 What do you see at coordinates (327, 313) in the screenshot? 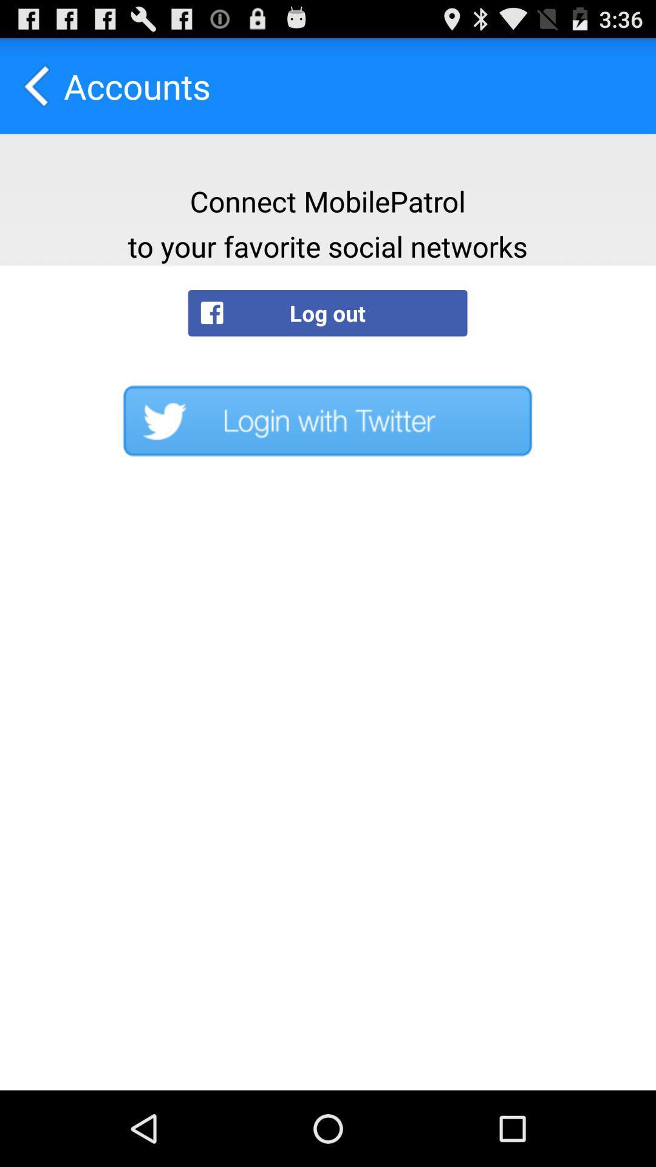
I see `item below to your favorite icon` at bounding box center [327, 313].